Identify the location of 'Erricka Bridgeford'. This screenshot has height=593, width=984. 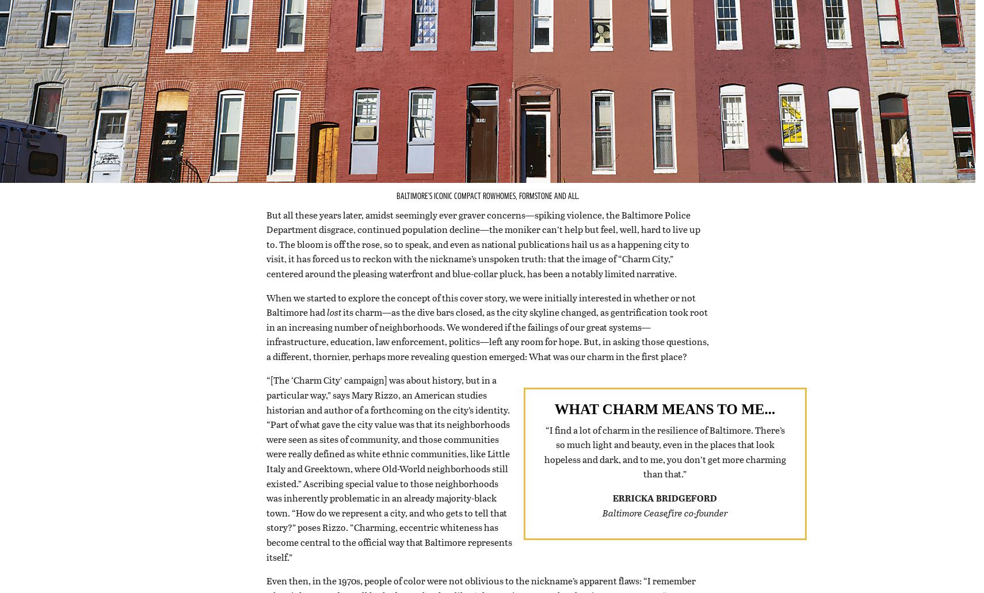
(664, 512).